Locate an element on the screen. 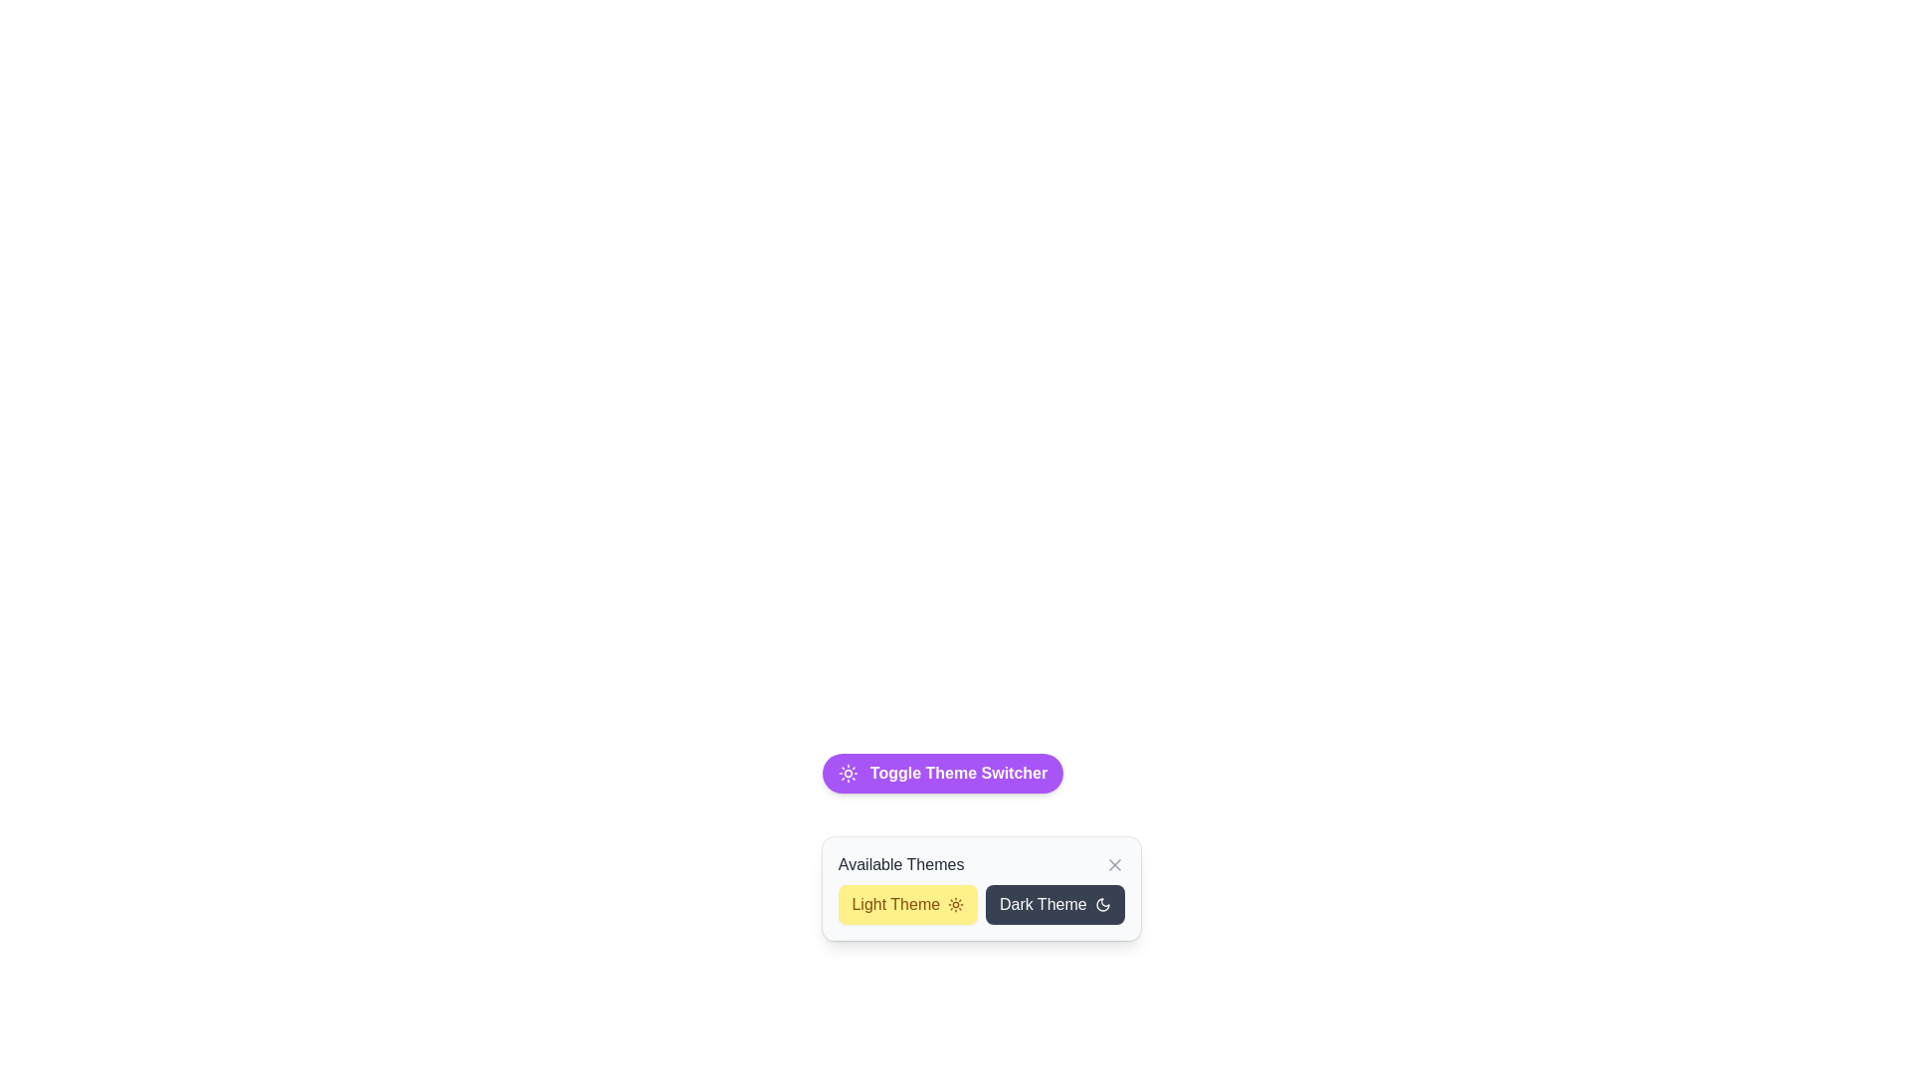  the 'Dark Theme' button in the Dropdown panel labeled 'Available Themes' is located at coordinates (981, 888).